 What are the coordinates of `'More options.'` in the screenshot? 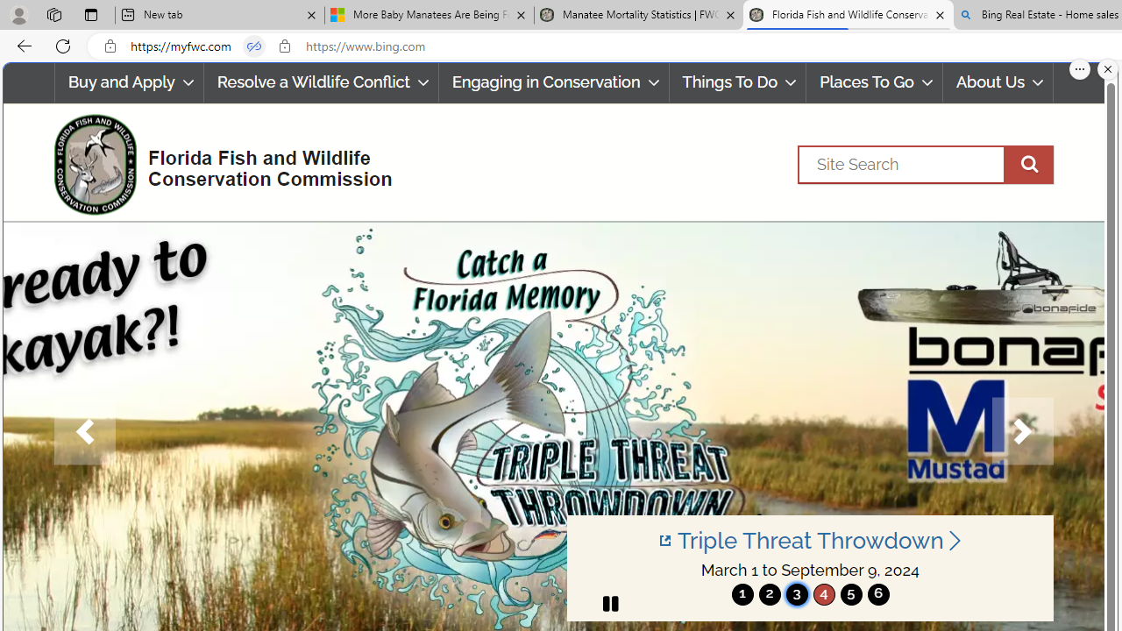 It's located at (1079, 68).